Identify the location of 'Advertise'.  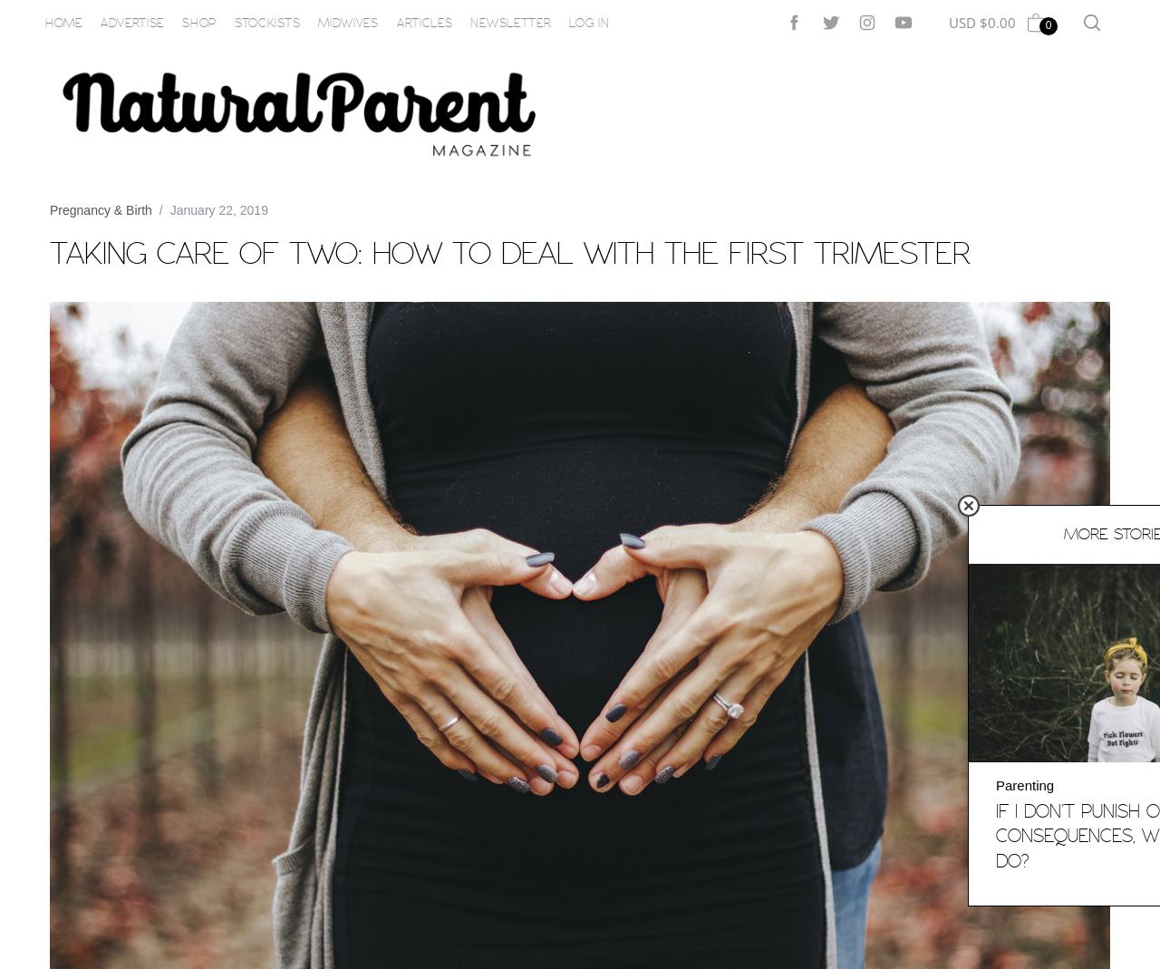
(130, 21).